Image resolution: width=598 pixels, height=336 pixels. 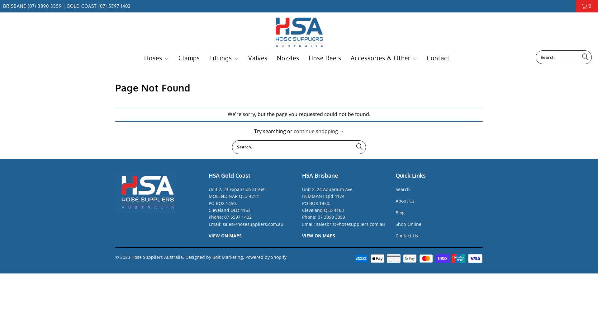 What do you see at coordinates (253, 224) in the screenshot?
I see `'sales@hosesuppliers.com.au'` at bounding box center [253, 224].